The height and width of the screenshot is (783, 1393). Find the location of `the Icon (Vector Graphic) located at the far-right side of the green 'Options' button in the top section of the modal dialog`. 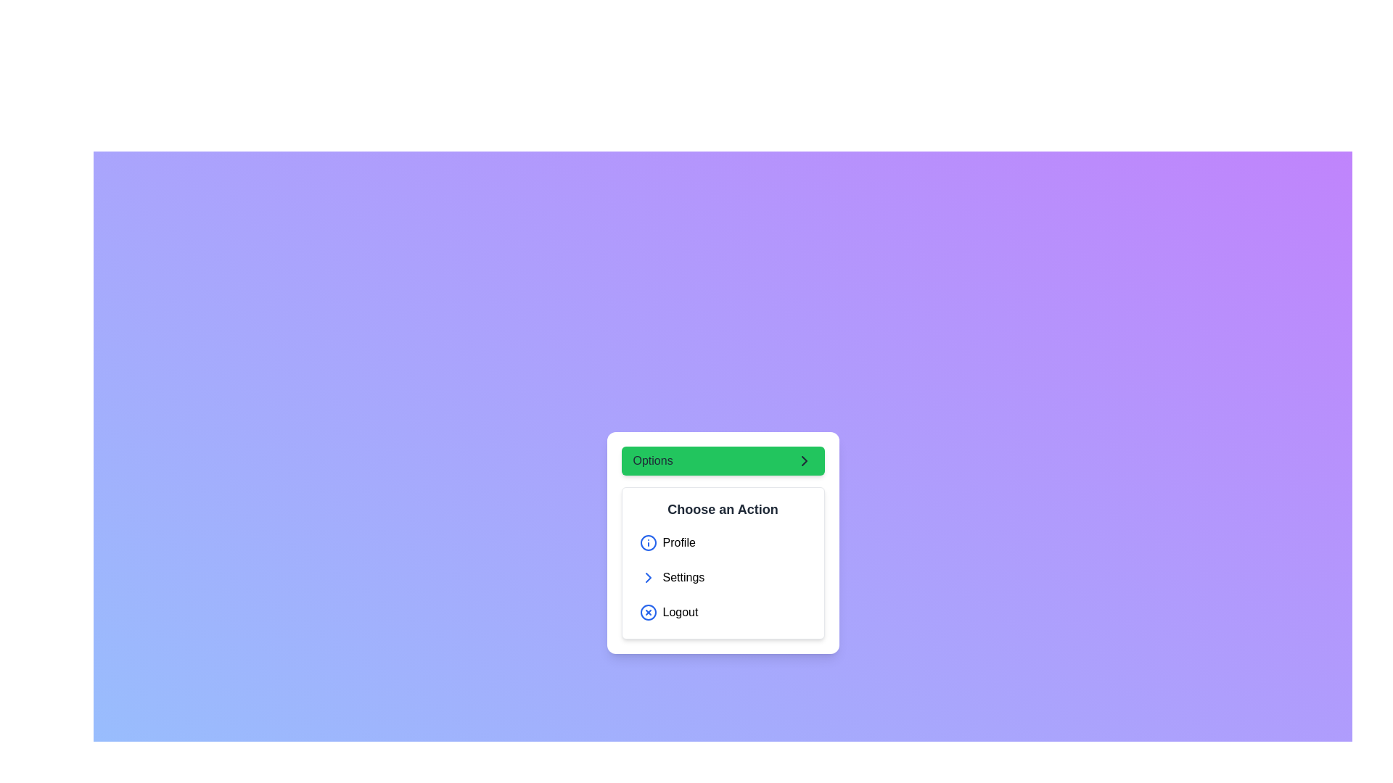

the Icon (Vector Graphic) located at the far-right side of the green 'Options' button in the top section of the modal dialog is located at coordinates (803, 461).